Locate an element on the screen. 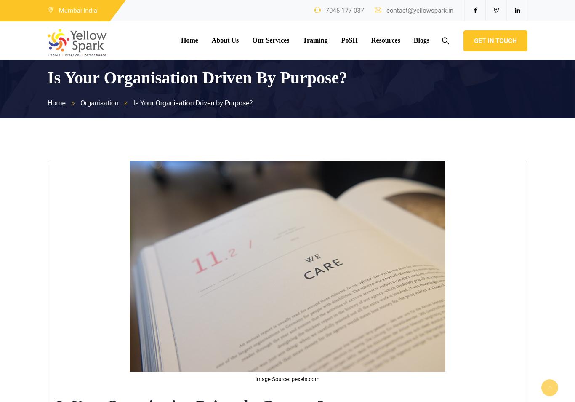 Image resolution: width=575 pixels, height=402 pixels. 'PoSH' is located at coordinates (349, 40).